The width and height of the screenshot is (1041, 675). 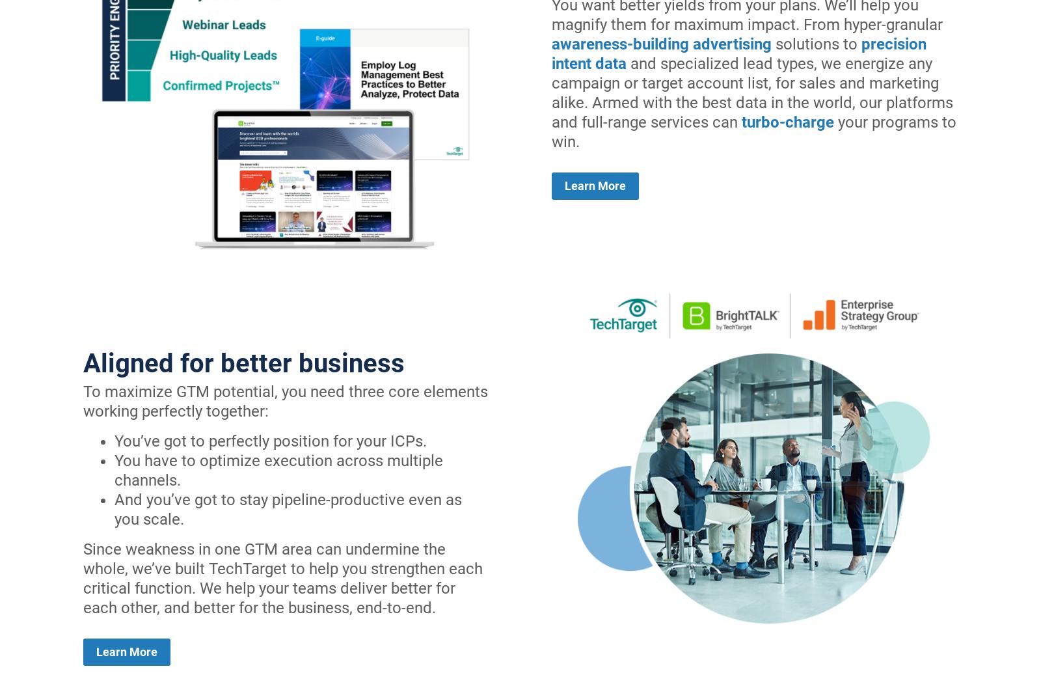 What do you see at coordinates (288, 509) in the screenshot?
I see `'And you’ve got to stay pipeline-productive even as you scale.'` at bounding box center [288, 509].